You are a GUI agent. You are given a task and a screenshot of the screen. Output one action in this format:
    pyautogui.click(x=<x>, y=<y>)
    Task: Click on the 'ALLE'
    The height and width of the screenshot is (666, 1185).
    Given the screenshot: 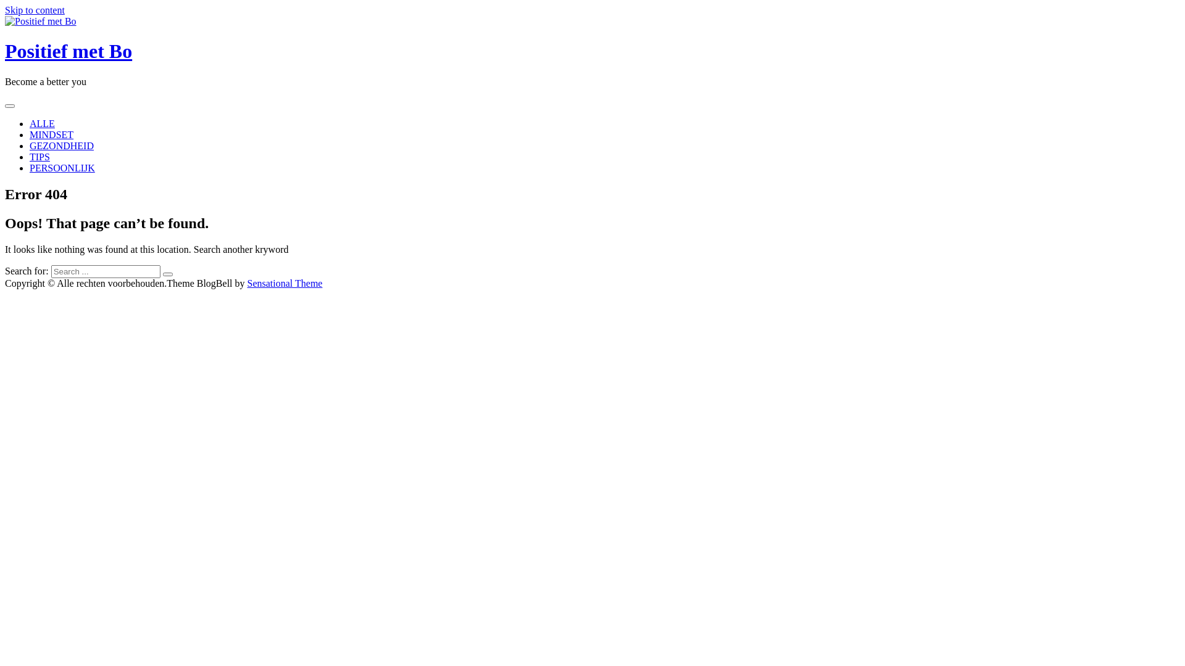 What is the action you would take?
    pyautogui.click(x=42, y=123)
    